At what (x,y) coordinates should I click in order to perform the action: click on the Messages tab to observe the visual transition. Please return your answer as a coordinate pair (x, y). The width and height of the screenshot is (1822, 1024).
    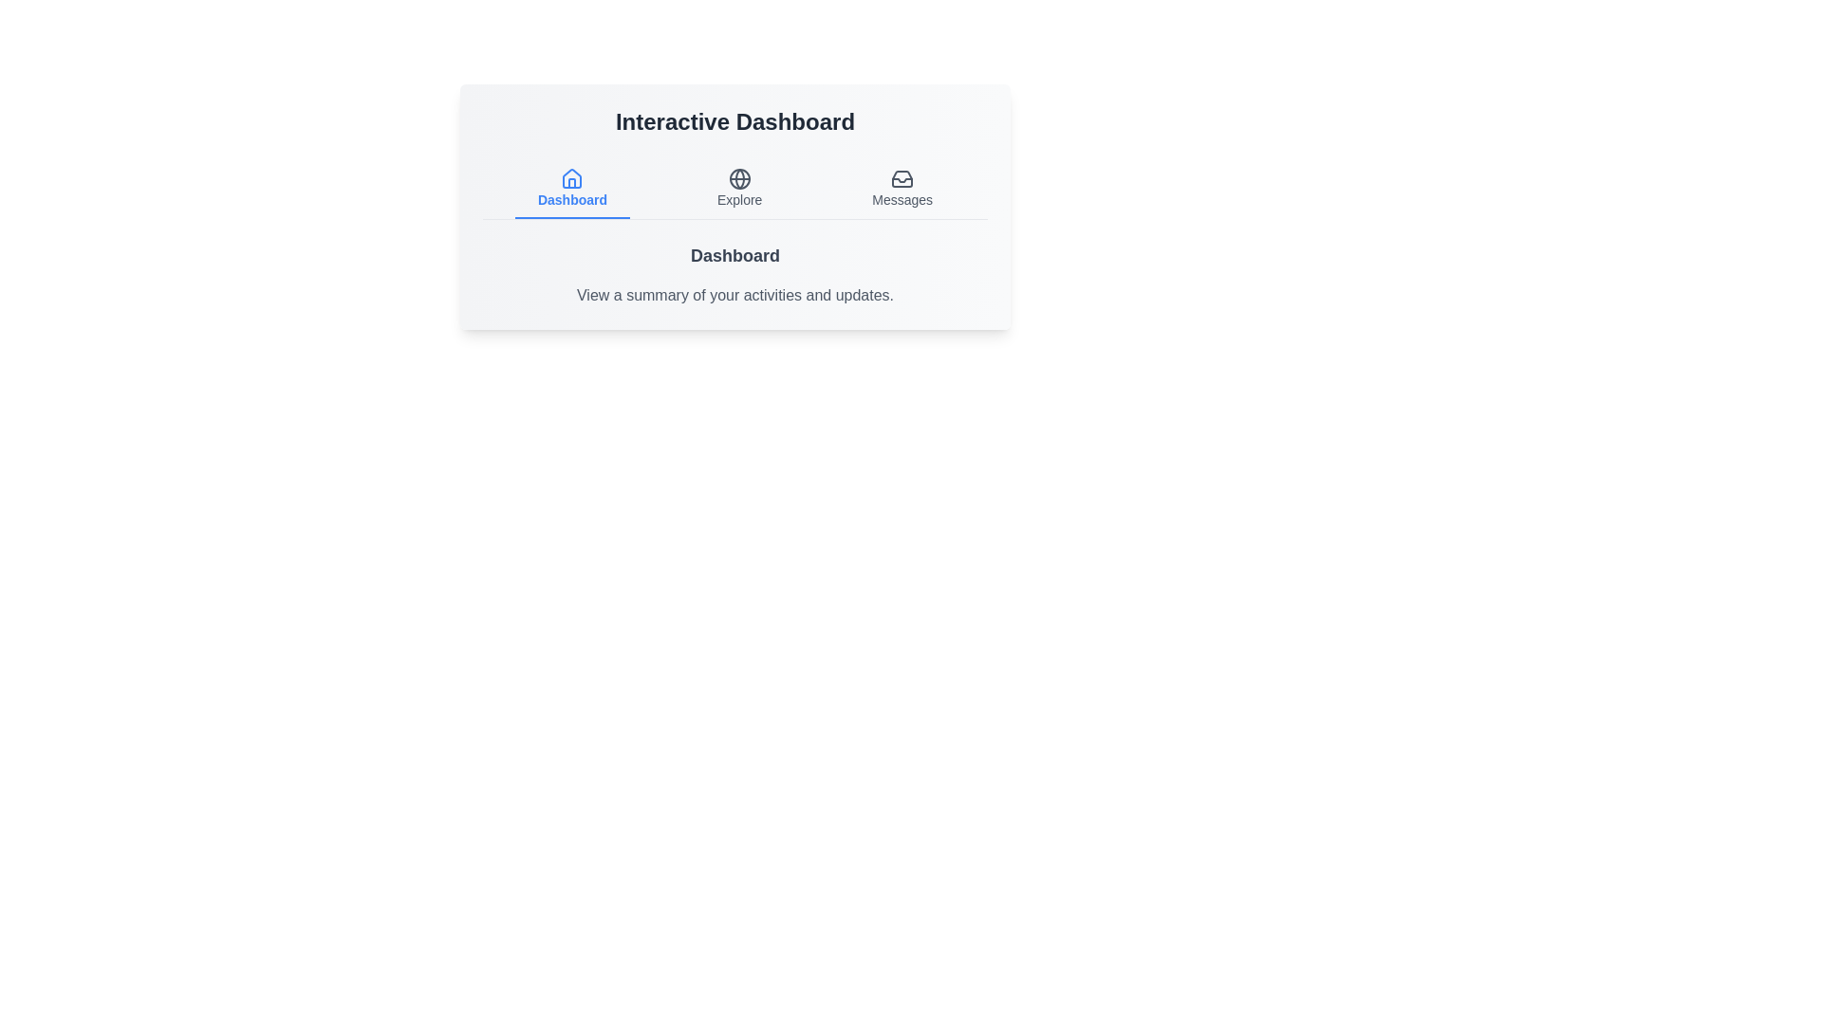
    Looking at the image, I should click on (902, 190).